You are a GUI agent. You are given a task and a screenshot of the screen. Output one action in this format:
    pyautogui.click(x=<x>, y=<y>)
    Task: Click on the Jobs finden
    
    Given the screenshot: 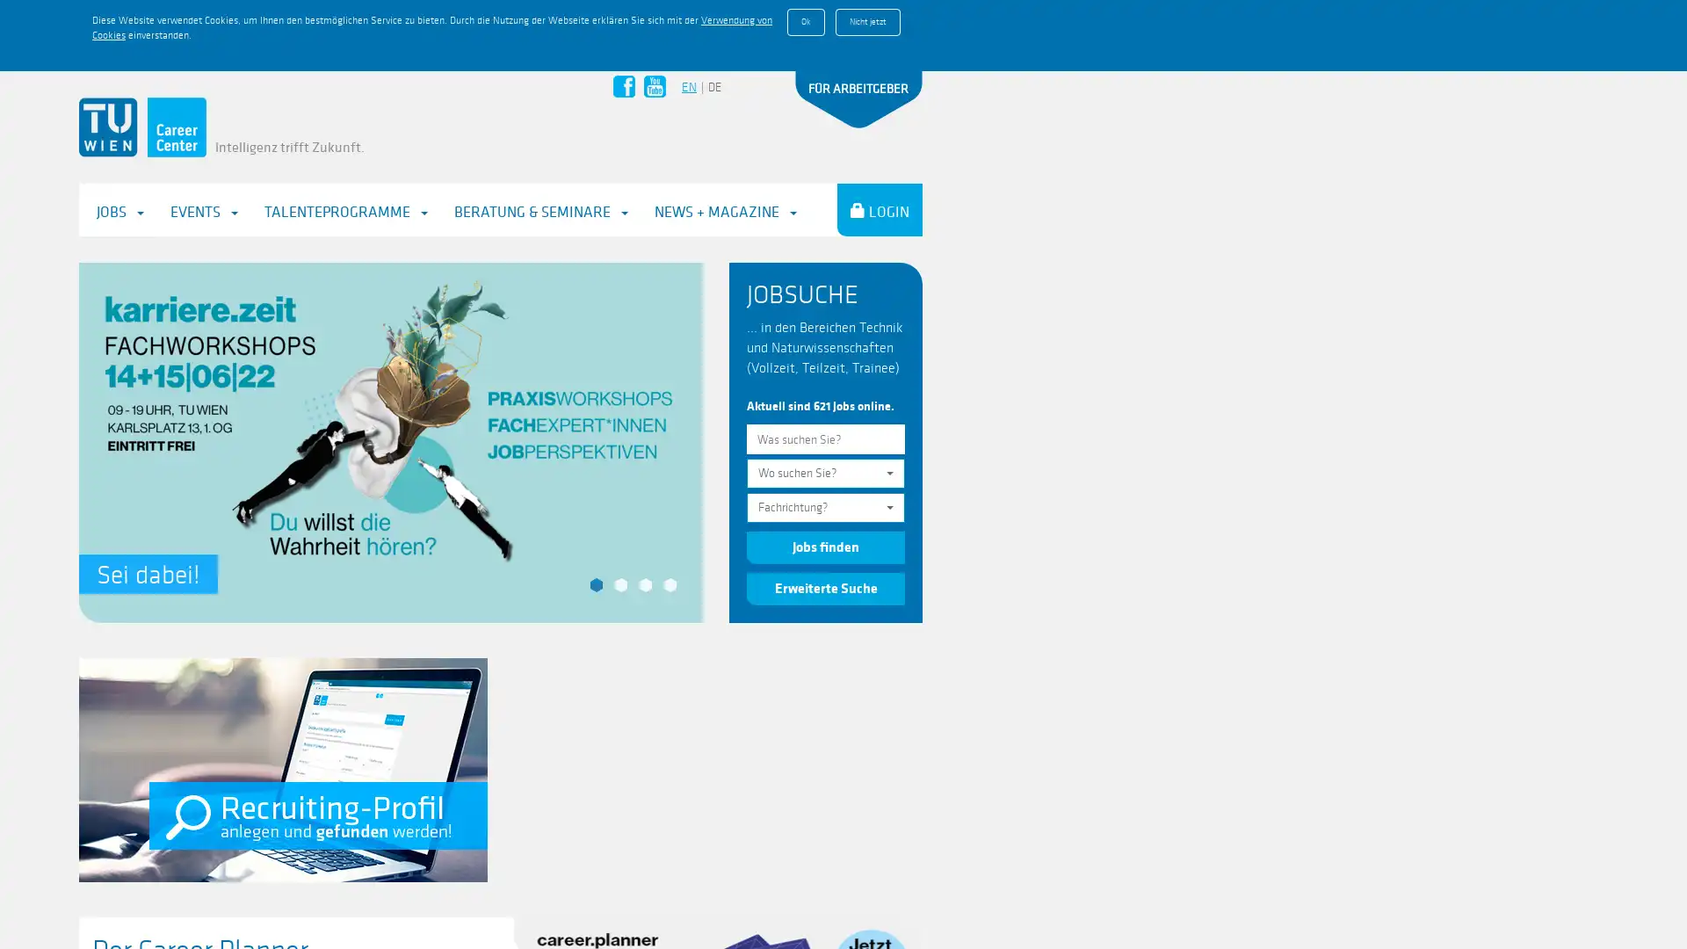 What is the action you would take?
    pyautogui.click(x=825, y=476)
    